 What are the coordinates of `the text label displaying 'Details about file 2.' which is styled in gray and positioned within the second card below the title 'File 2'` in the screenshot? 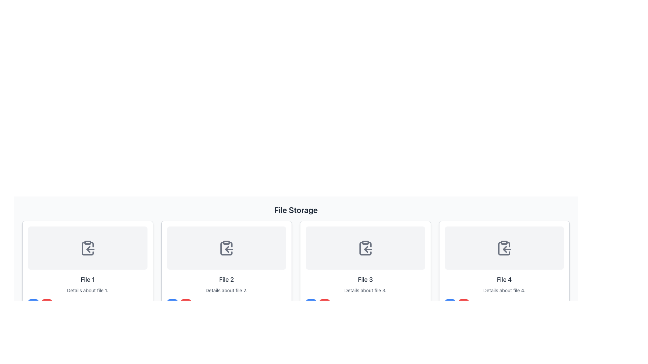 It's located at (226, 290).